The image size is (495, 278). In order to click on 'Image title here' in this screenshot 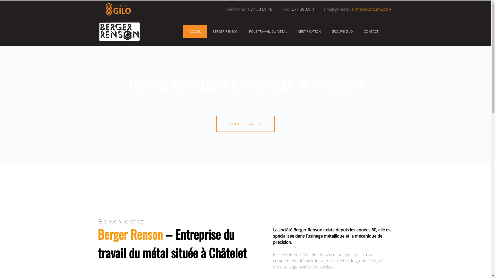, I will do `click(96, 31)`.